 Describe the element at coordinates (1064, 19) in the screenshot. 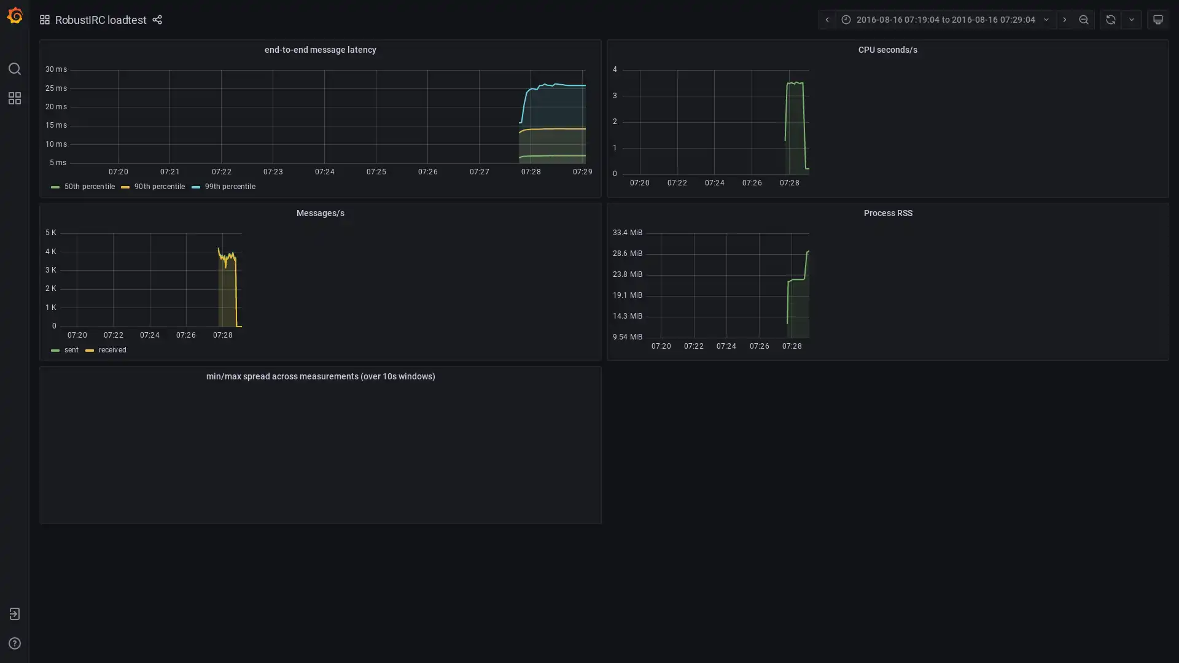

I see `Move time range forwards` at that location.